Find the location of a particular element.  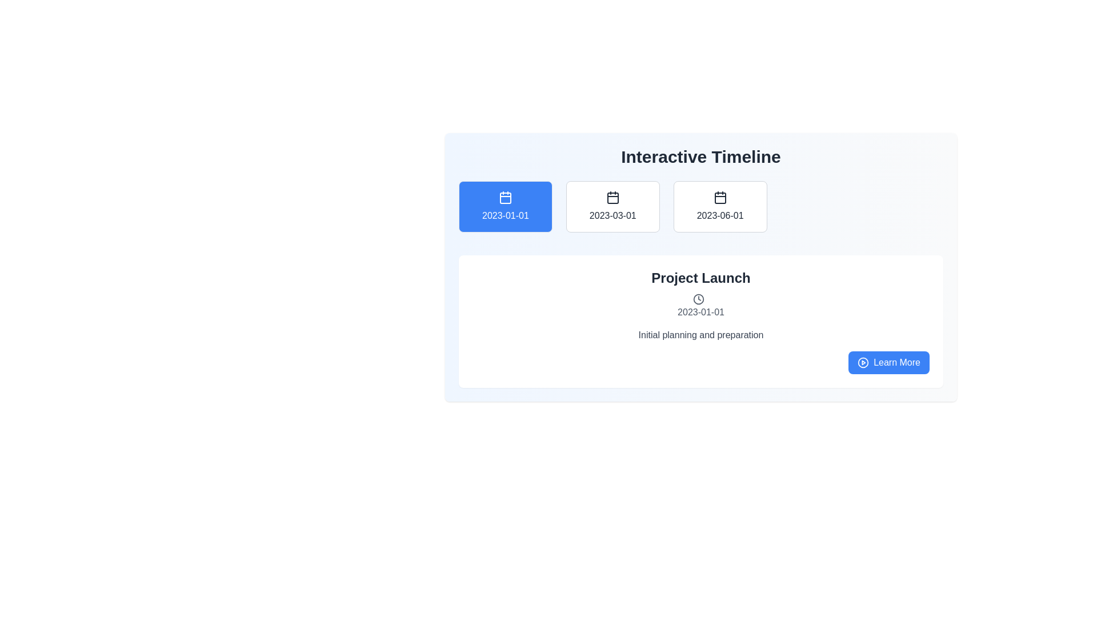

the calendar icon associated with the date '2023-06-01' is located at coordinates (719, 197).